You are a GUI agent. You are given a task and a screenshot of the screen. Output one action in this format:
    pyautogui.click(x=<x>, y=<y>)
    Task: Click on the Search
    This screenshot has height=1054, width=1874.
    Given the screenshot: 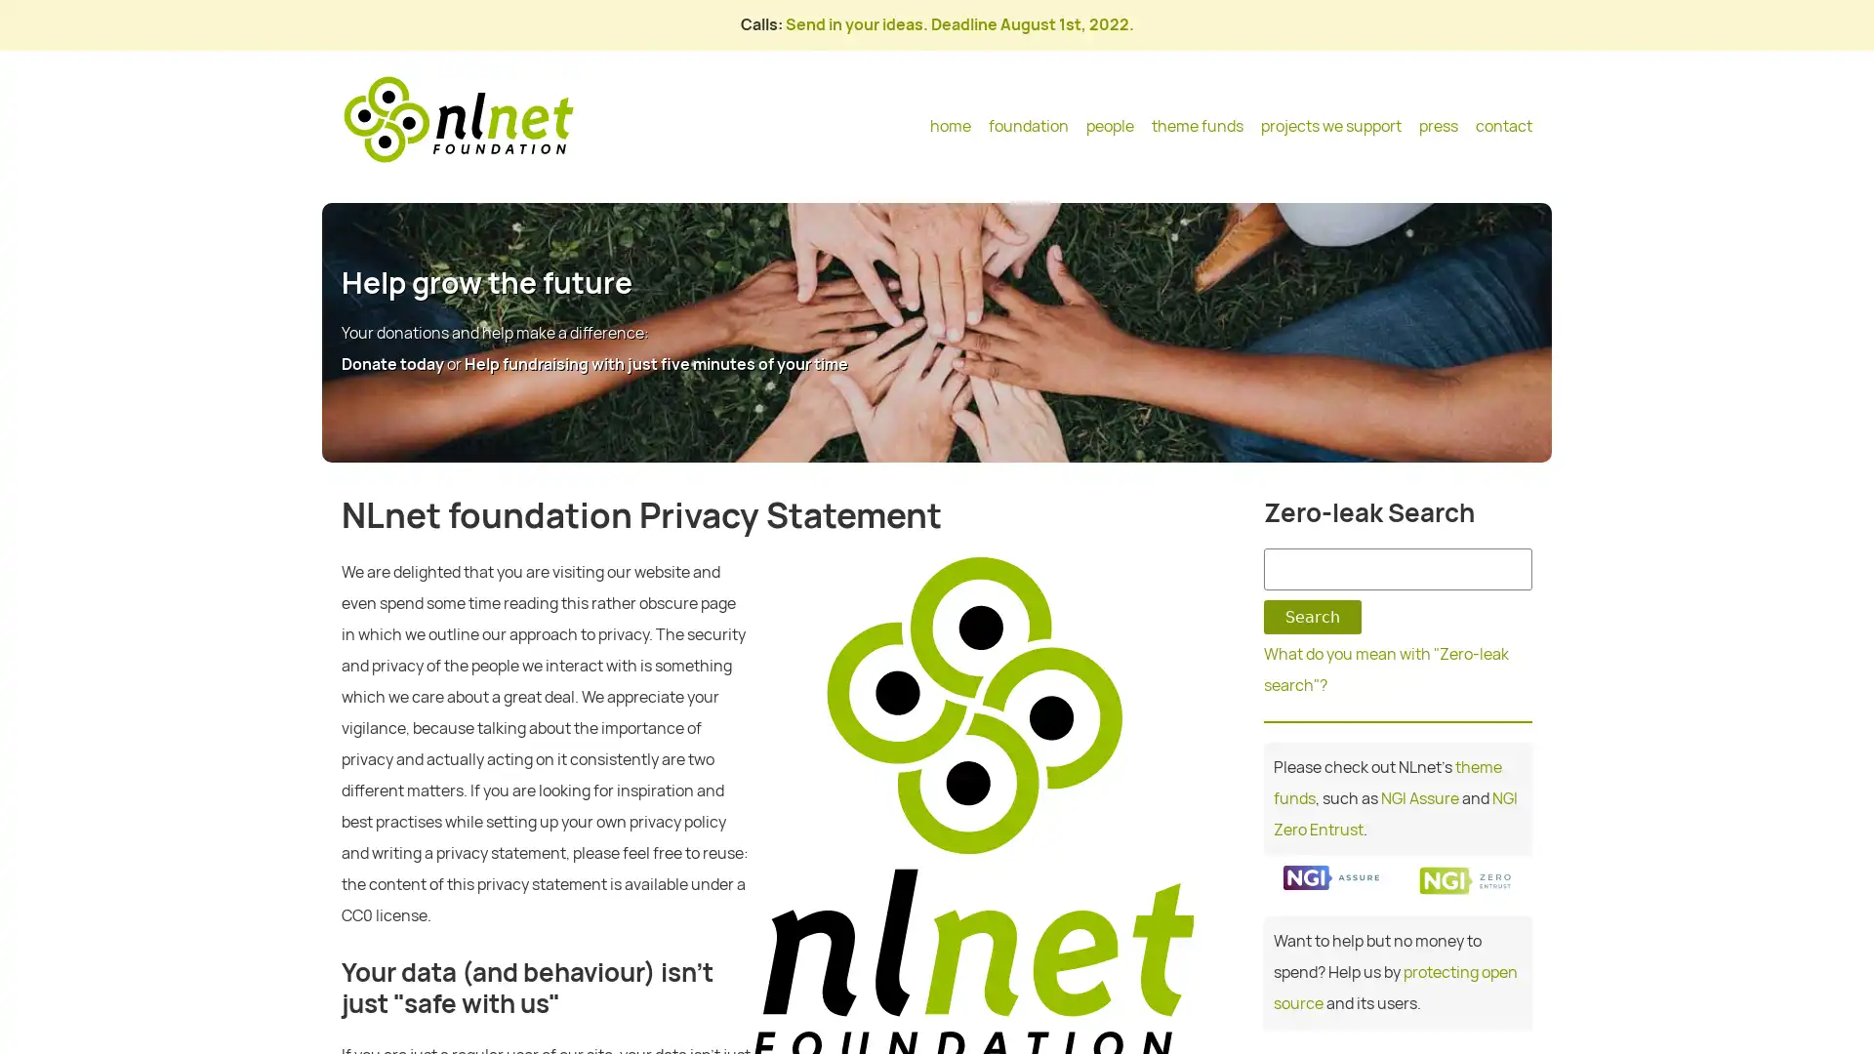 What is the action you would take?
    pyautogui.click(x=1312, y=617)
    